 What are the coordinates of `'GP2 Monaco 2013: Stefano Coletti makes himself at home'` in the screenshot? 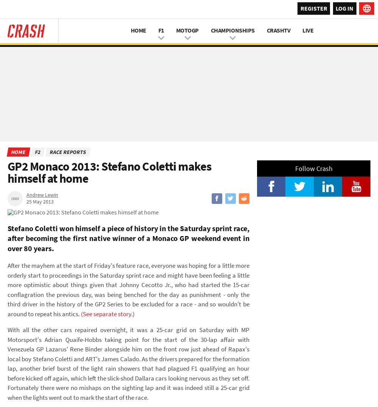 It's located at (109, 172).